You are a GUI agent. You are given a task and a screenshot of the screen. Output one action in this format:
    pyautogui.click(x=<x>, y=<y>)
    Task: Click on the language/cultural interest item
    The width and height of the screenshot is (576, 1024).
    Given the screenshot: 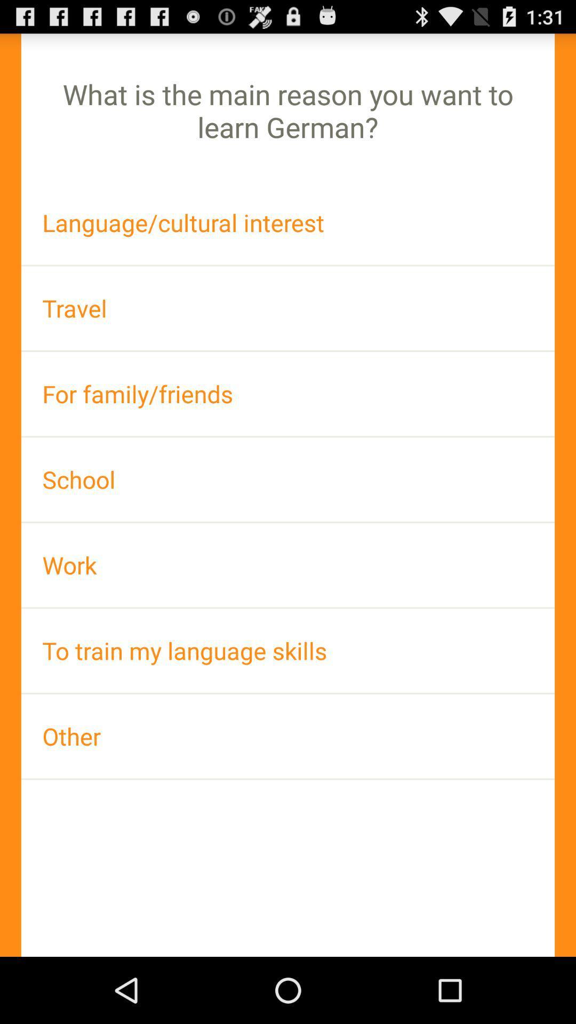 What is the action you would take?
    pyautogui.click(x=288, y=222)
    